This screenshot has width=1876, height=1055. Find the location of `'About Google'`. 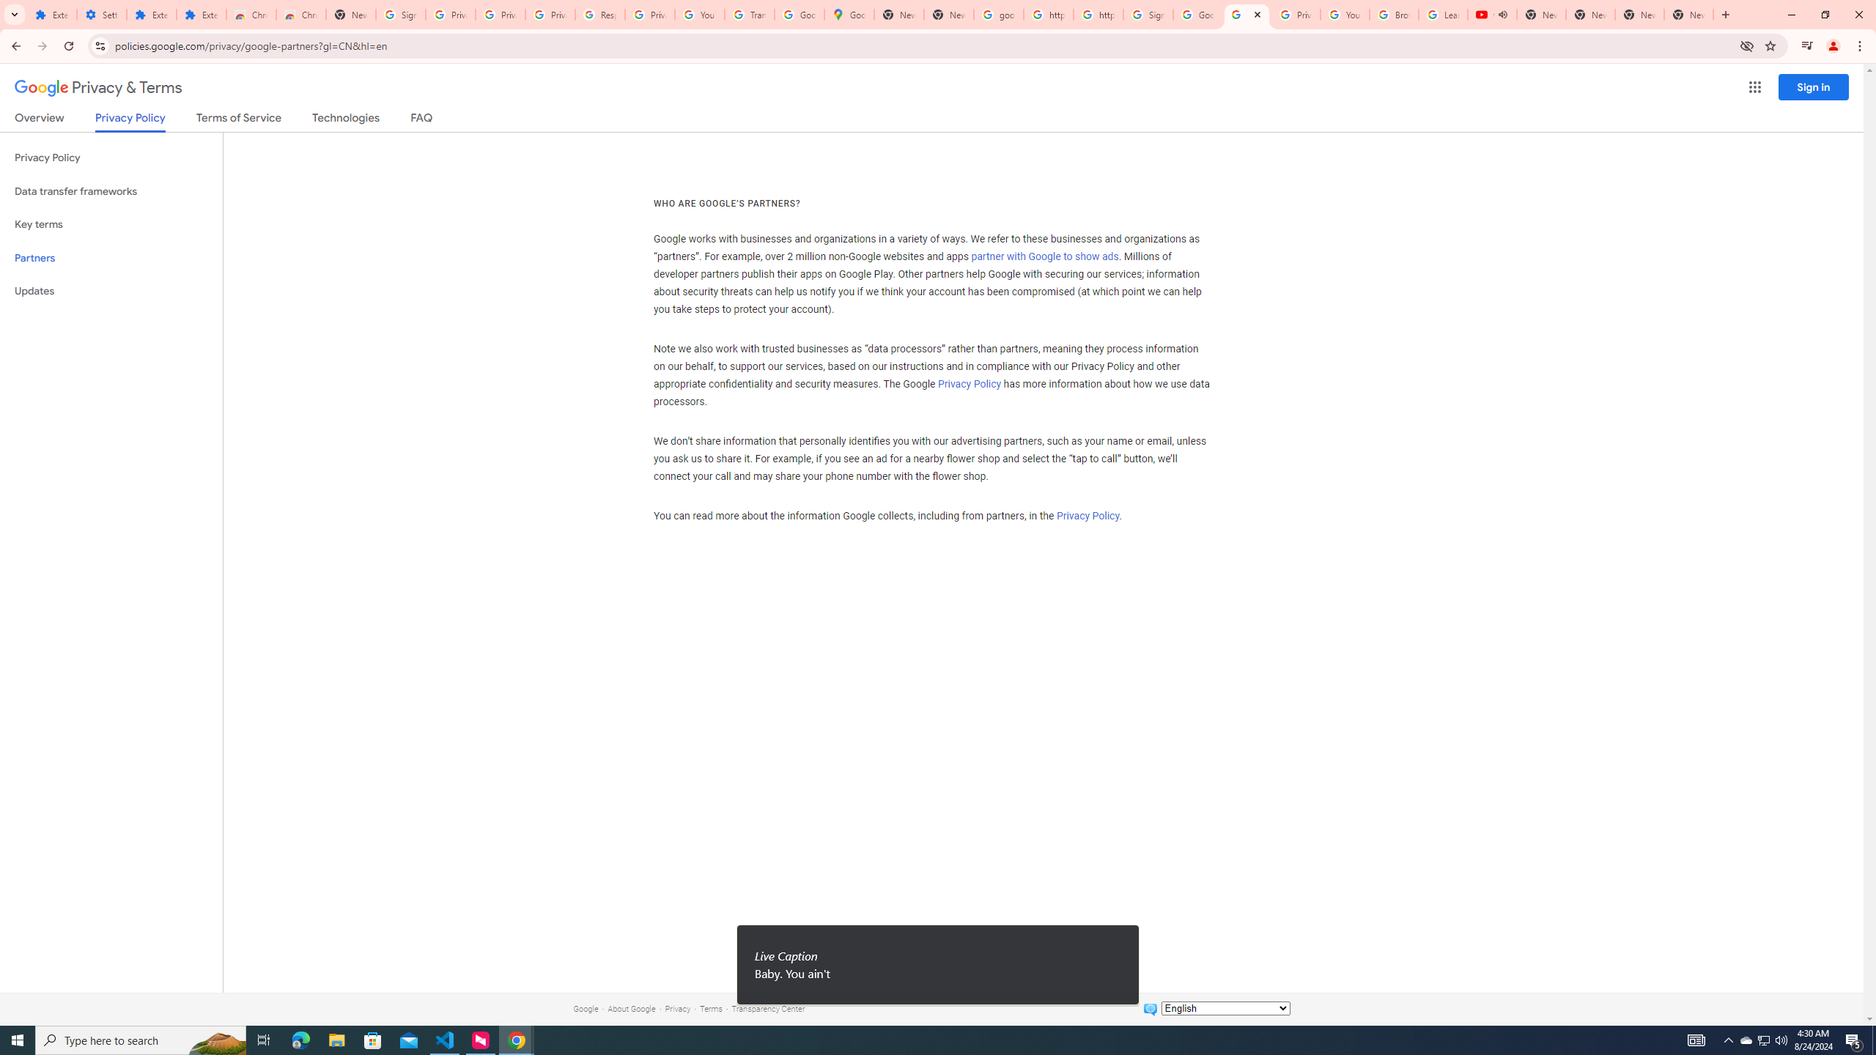

'About Google' is located at coordinates (631, 1008).